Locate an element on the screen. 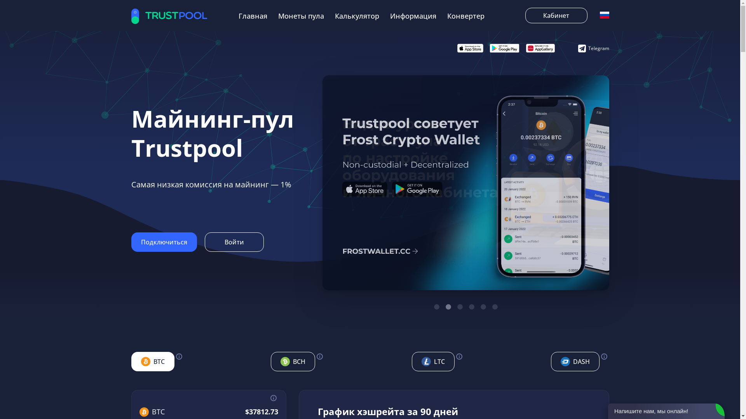 Image resolution: width=746 pixels, height=419 pixels. 'DASH' is located at coordinates (575, 361).